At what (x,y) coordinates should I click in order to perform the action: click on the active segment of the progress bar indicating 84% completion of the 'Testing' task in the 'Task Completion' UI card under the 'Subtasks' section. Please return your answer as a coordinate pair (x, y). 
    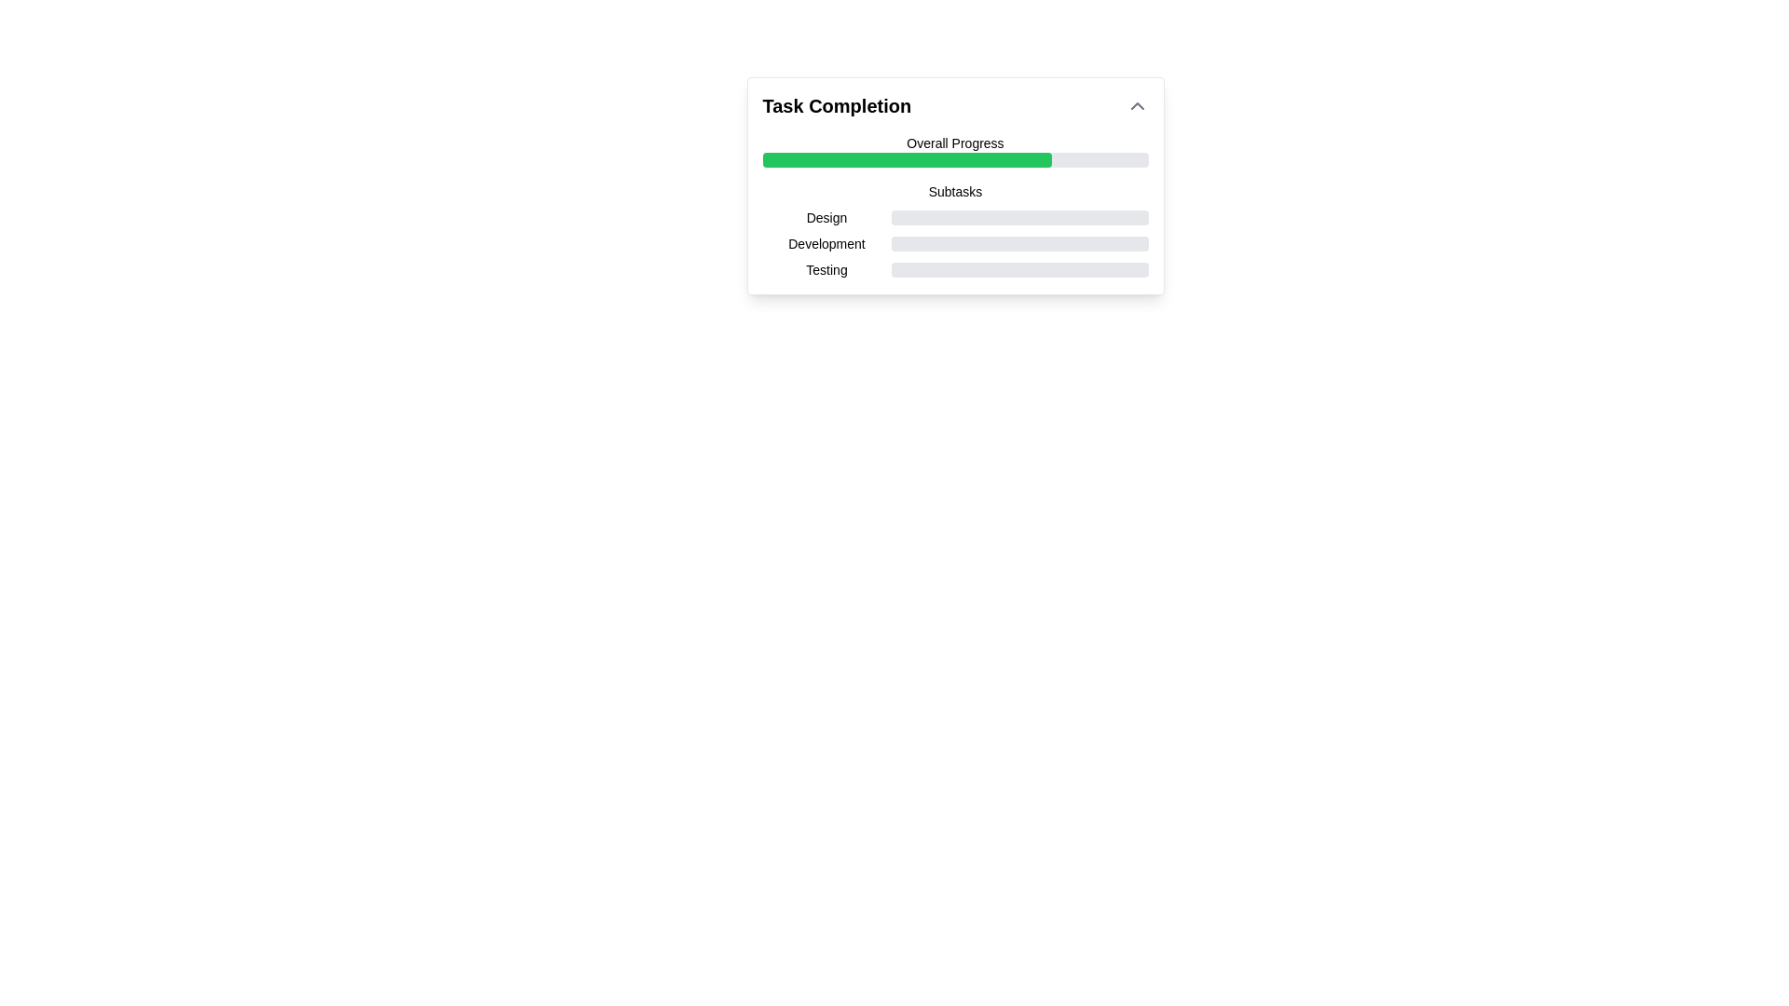
    Looking at the image, I should click on (998, 269).